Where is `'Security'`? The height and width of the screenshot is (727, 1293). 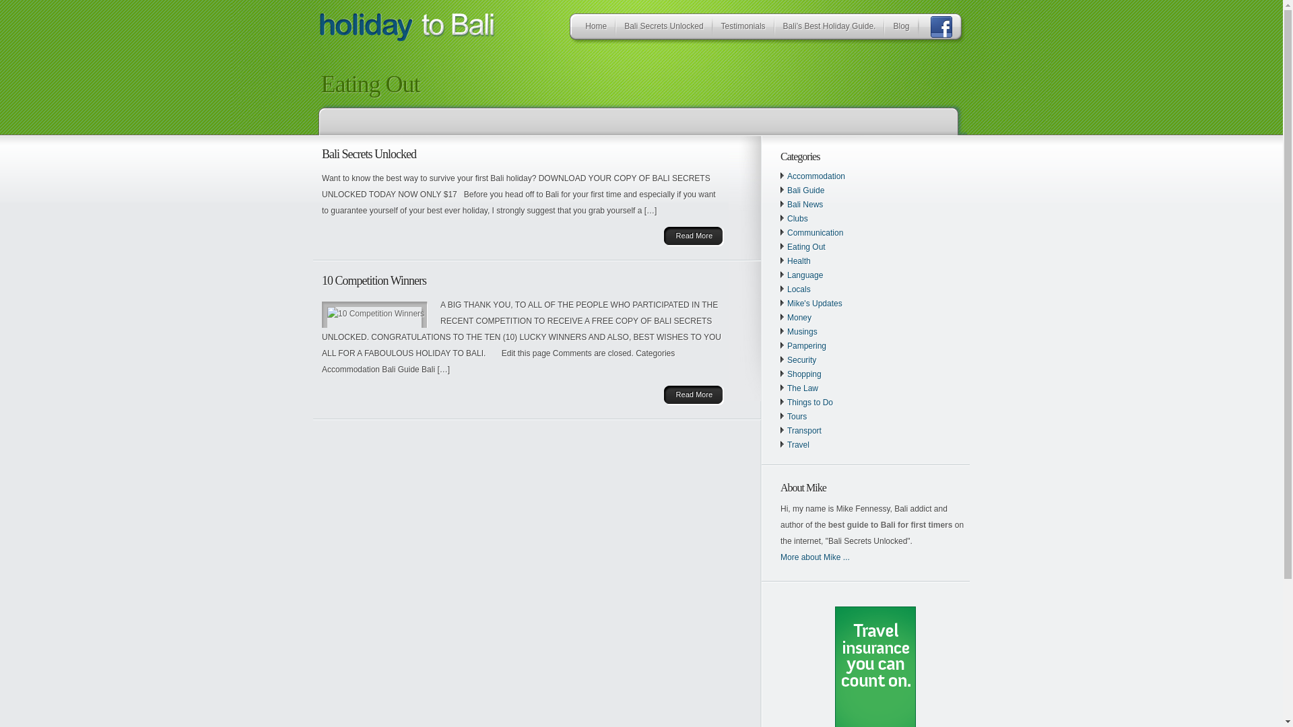
'Security' is located at coordinates (787, 359).